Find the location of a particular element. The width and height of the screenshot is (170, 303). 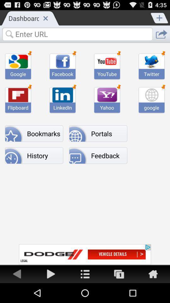

the list icon is located at coordinates (85, 293).